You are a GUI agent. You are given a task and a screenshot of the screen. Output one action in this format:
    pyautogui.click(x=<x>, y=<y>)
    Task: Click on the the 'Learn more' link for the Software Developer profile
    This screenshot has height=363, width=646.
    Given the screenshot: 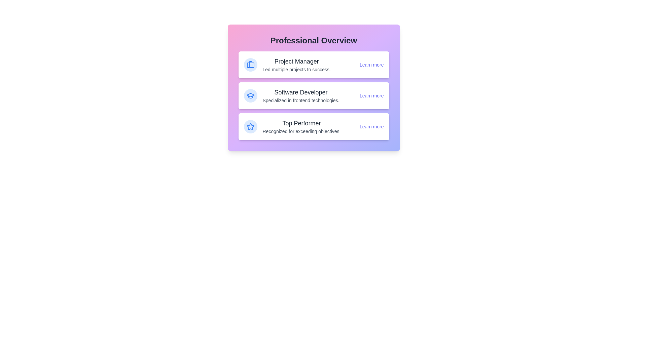 What is the action you would take?
    pyautogui.click(x=371, y=96)
    